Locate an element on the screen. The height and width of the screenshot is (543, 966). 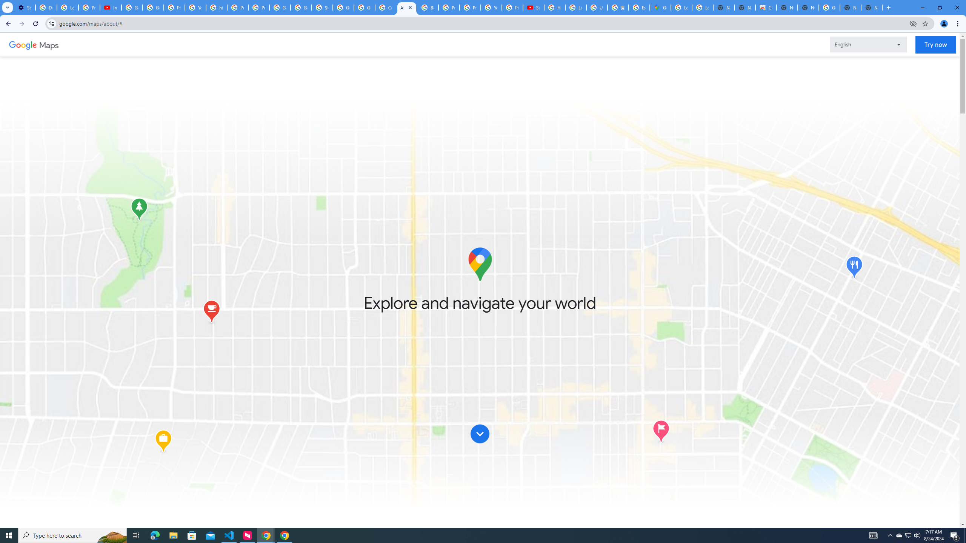
'YouTube' is located at coordinates (195, 7).